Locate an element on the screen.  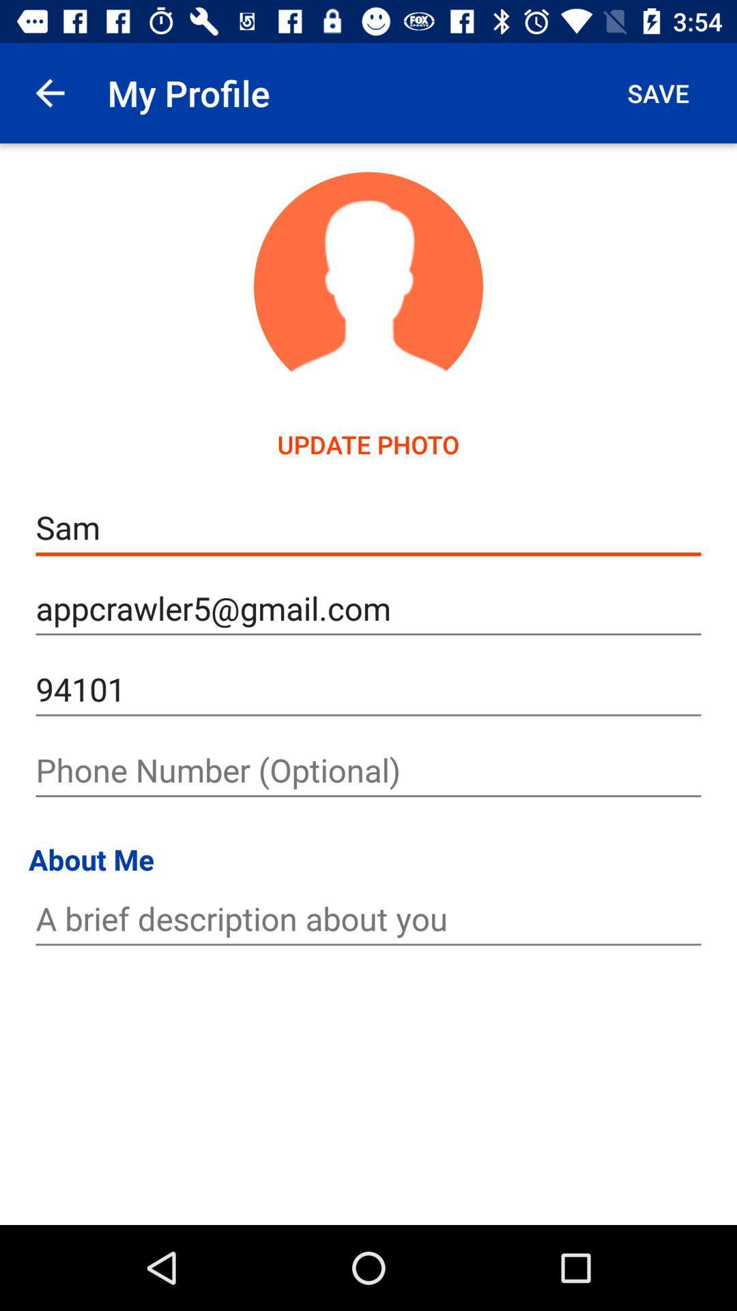
icon at the top right corner is located at coordinates (657, 92).